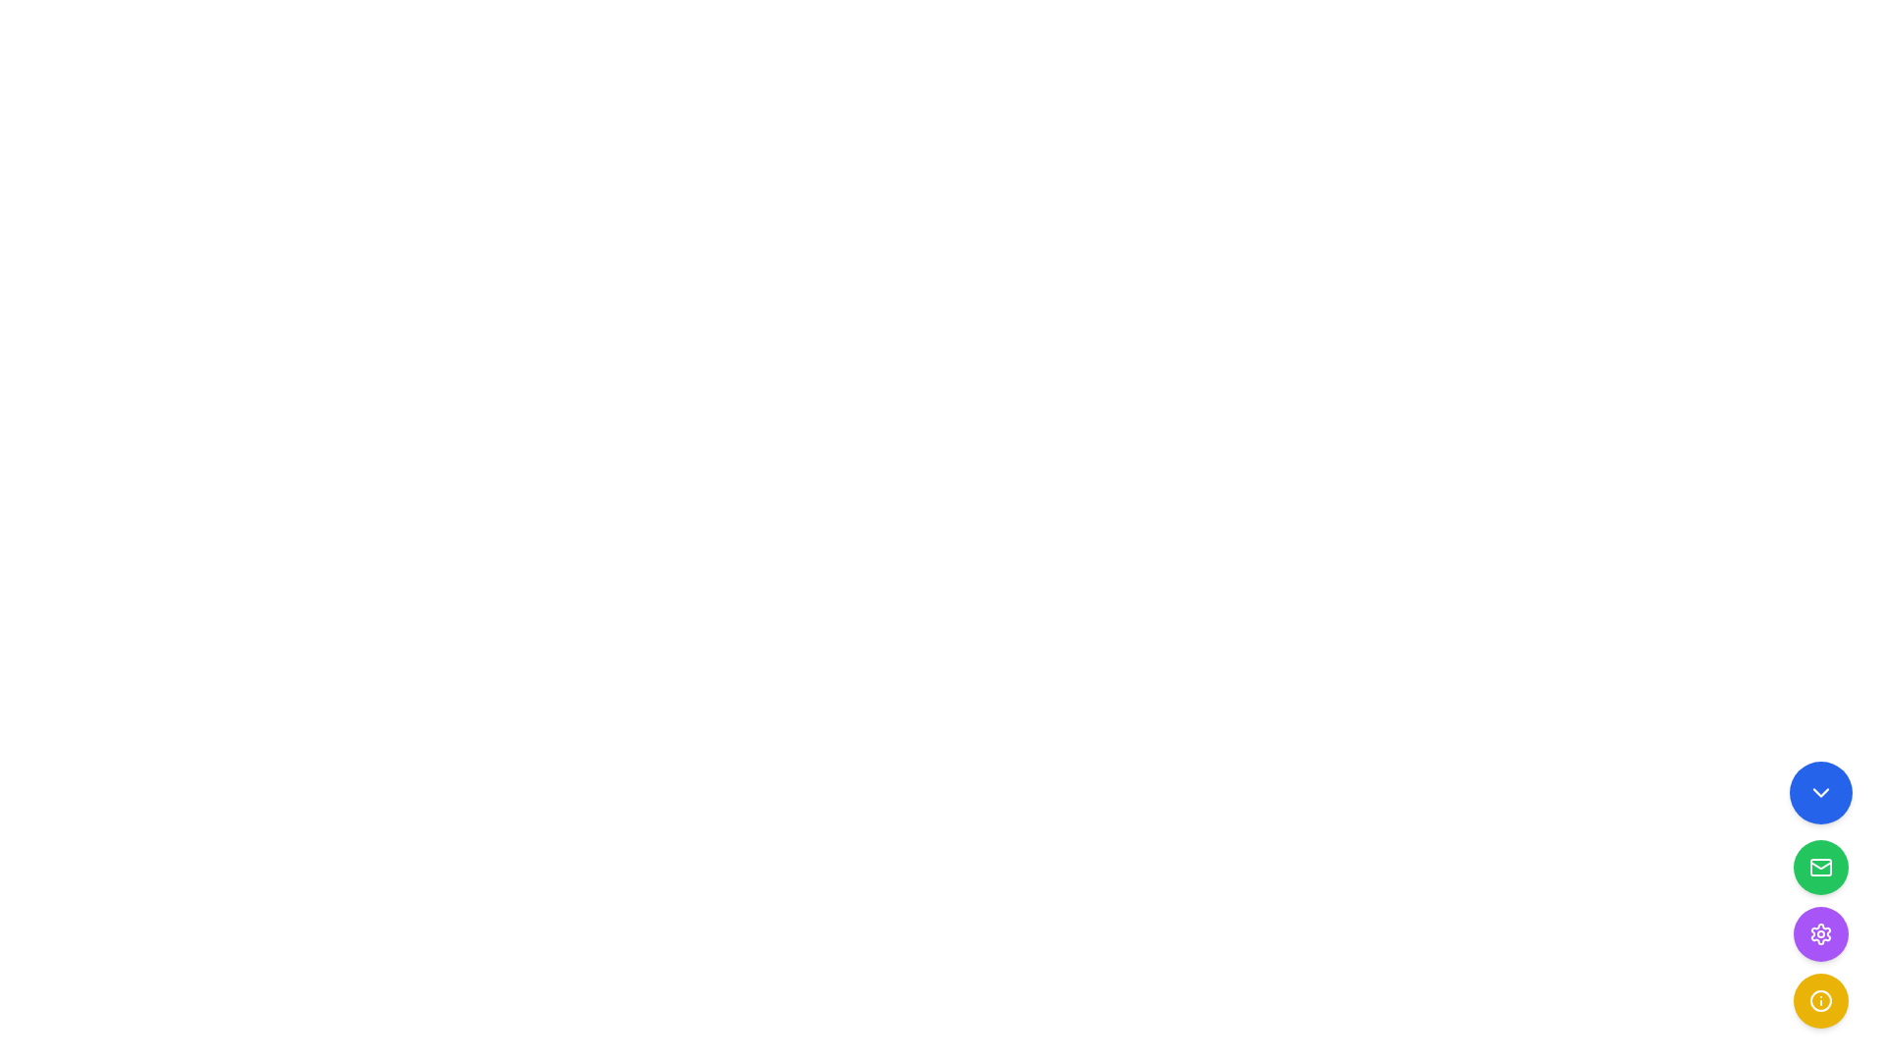 The height and width of the screenshot is (1060, 1884). Describe the element at coordinates (1820, 933) in the screenshot. I see `the circular settings button with a purple background and a white gear icon` at that location.